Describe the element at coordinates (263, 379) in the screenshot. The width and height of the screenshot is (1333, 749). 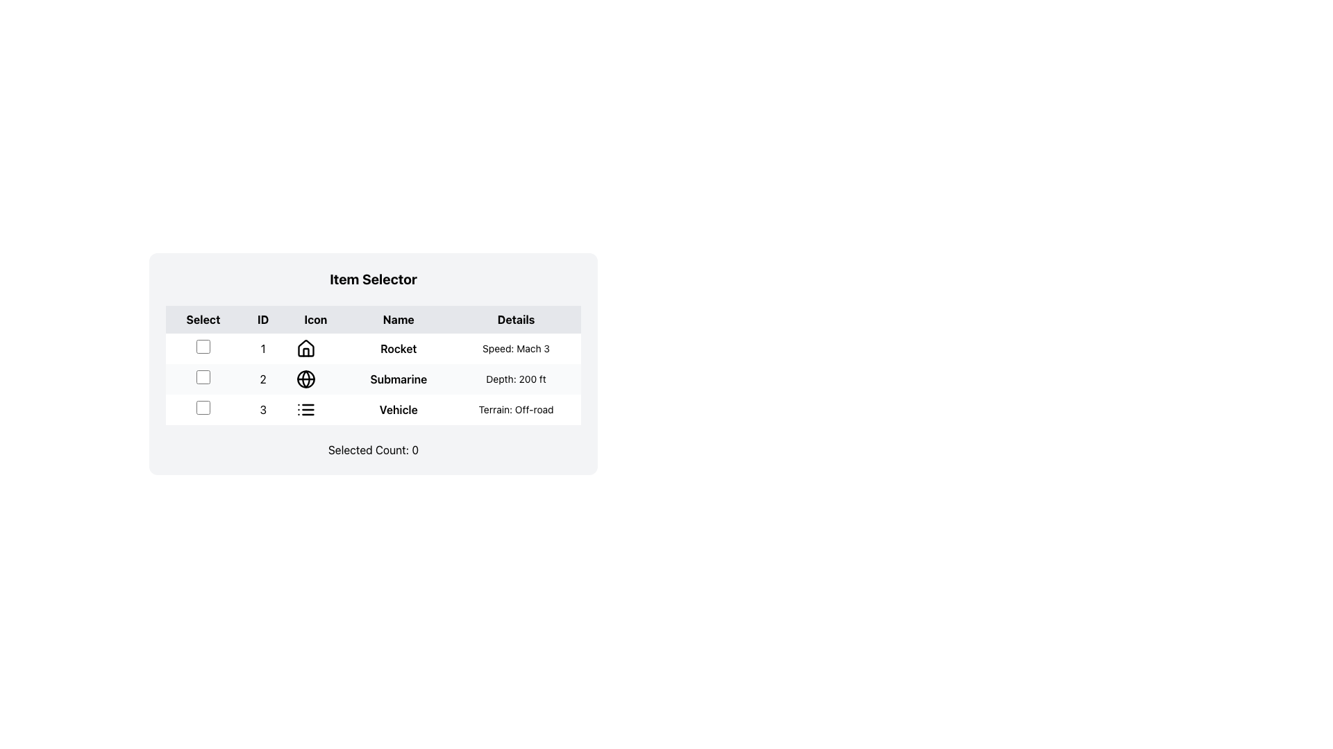
I see `the text label displaying the number '2' in bold black font, which is located in the second column of the second row in a table, between the checkbox and the icon` at that location.